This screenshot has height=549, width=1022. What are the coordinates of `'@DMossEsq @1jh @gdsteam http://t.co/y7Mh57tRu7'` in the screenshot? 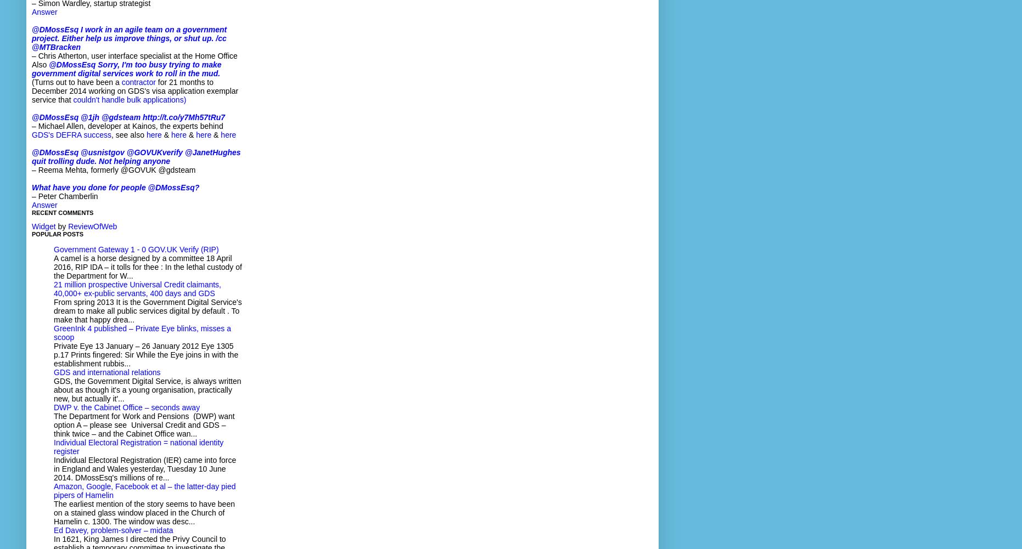 It's located at (128, 117).